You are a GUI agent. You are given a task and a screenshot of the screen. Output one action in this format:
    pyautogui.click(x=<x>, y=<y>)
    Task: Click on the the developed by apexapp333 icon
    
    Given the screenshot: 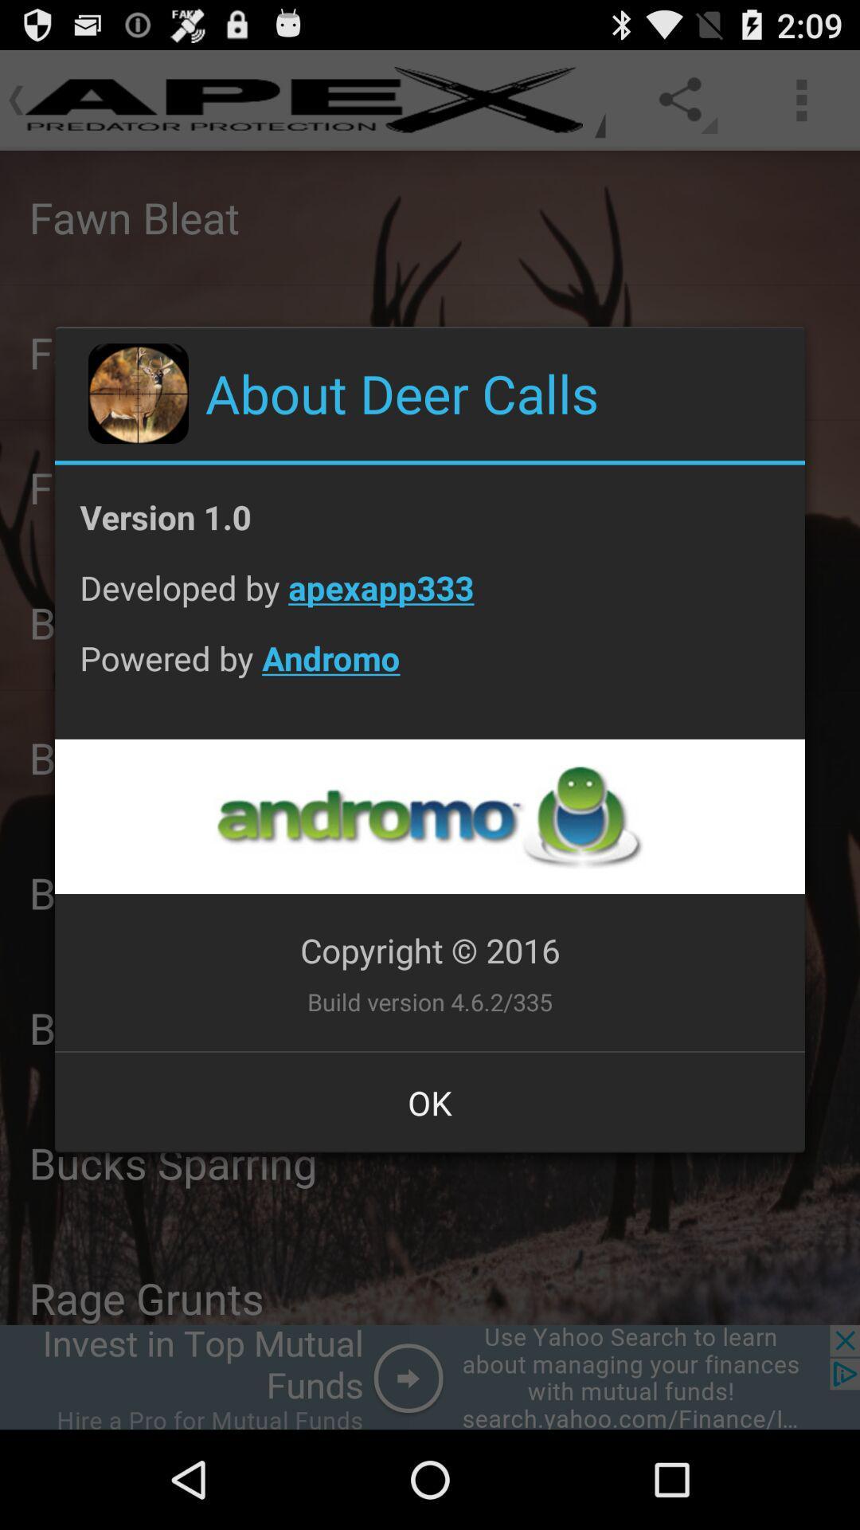 What is the action you would take?
    pyautogui.click(x=430, y=599)
    